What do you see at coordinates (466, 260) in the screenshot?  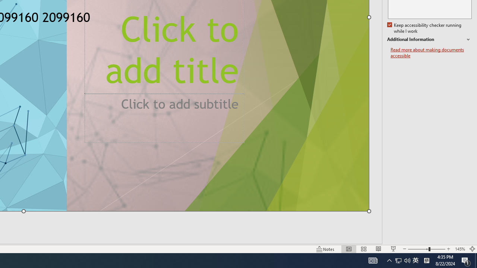 I see `'Action Center, 1 new notification'` at bounding box center [466, 260].